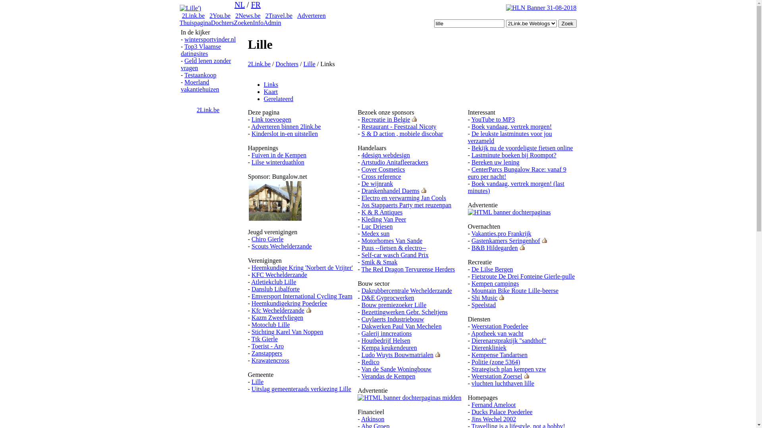  Describe the element at coordinates (361, 197) in the screenshot. I see `'Electro en verwarming Jan Cools'` at that location.